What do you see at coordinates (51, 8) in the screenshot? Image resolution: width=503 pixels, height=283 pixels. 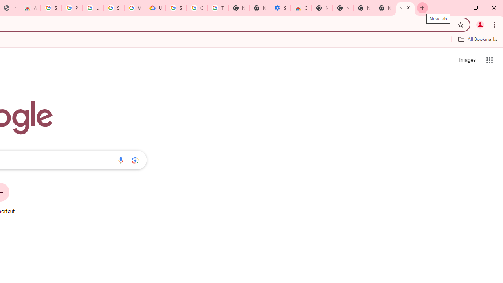 I see `'Sign in - Google Accounts'` at bounding box center [51, 8].